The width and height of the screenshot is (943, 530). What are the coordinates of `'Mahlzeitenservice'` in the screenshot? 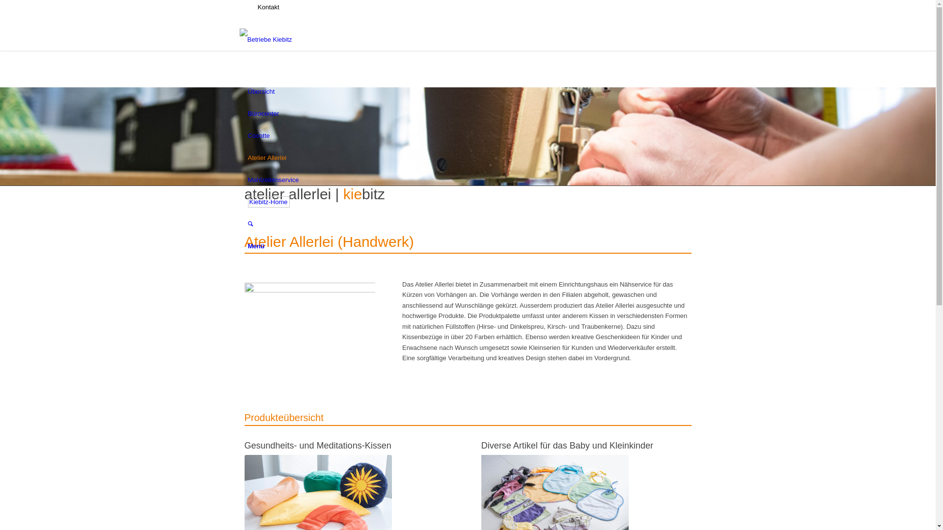 It's located at (273, 180).